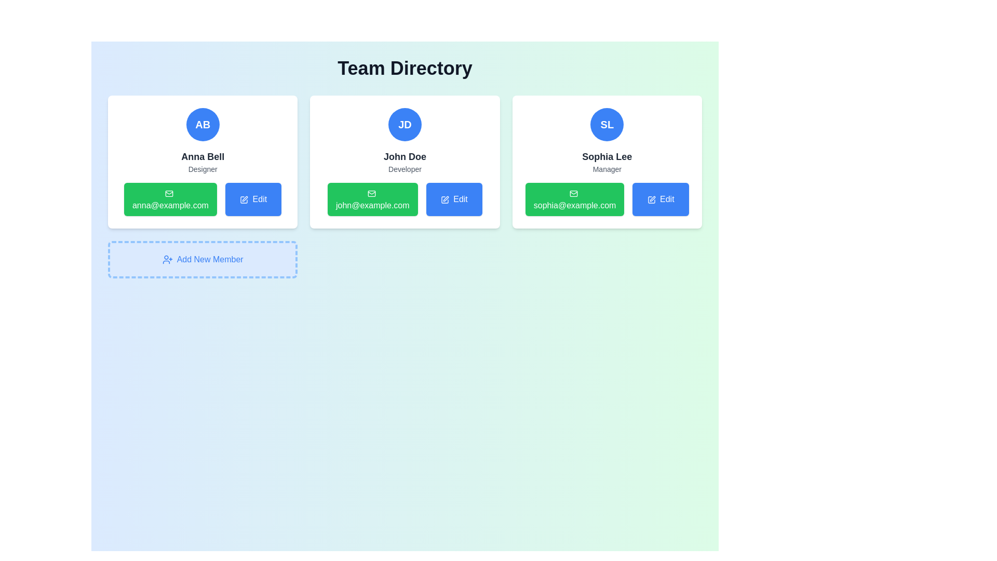  I want to click on the rectangular button with a green background and text 'john@example.com' in the bottom left of John Doe's card in the Team Directory interface for additional information, so click(372, 199).